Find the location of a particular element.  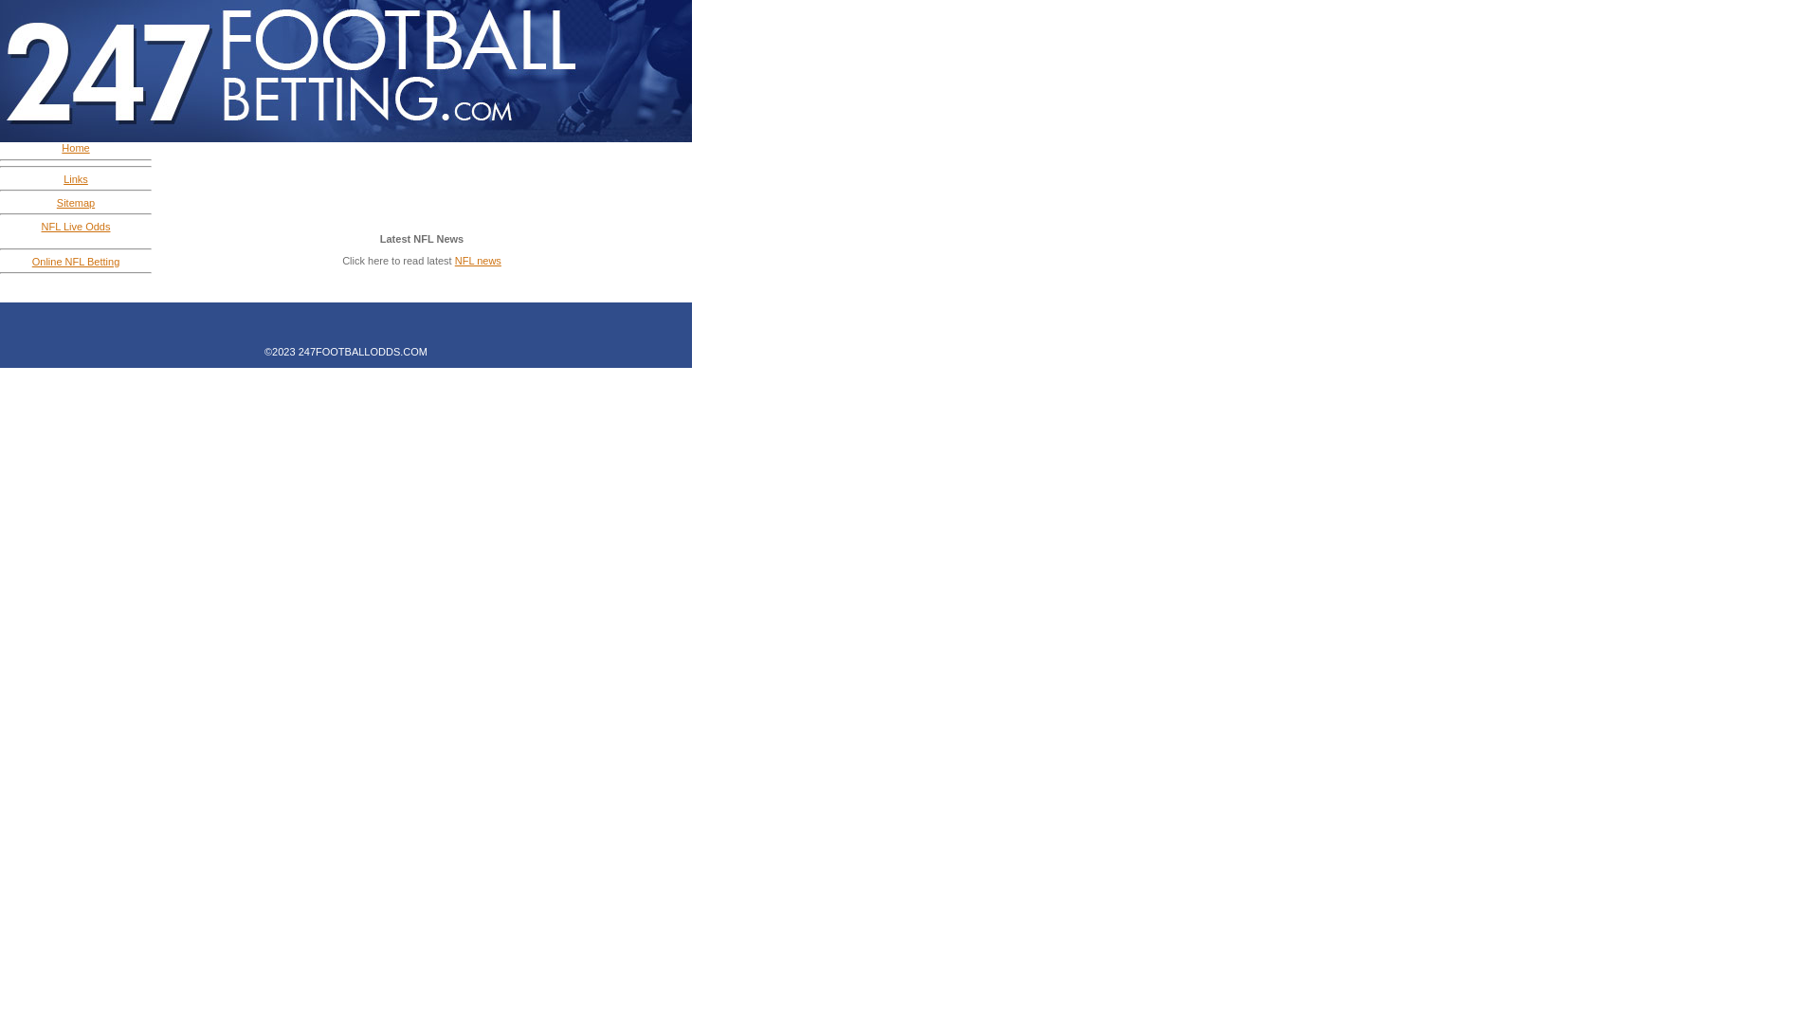

'Links' is located at coordinates (76, 178).